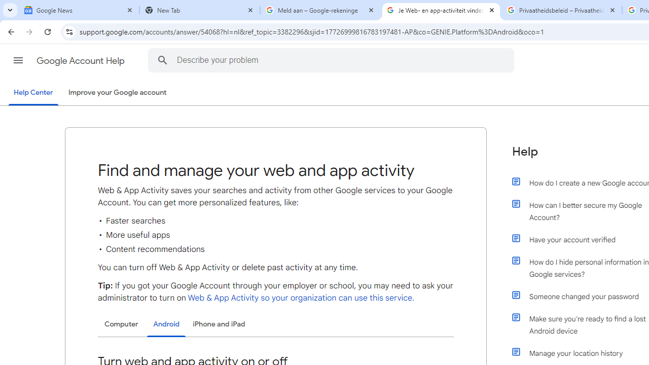  What do you see at coordinates (18, 60) in the screenshot?
I see `'Main menu'` at bounding box center [18, 60].